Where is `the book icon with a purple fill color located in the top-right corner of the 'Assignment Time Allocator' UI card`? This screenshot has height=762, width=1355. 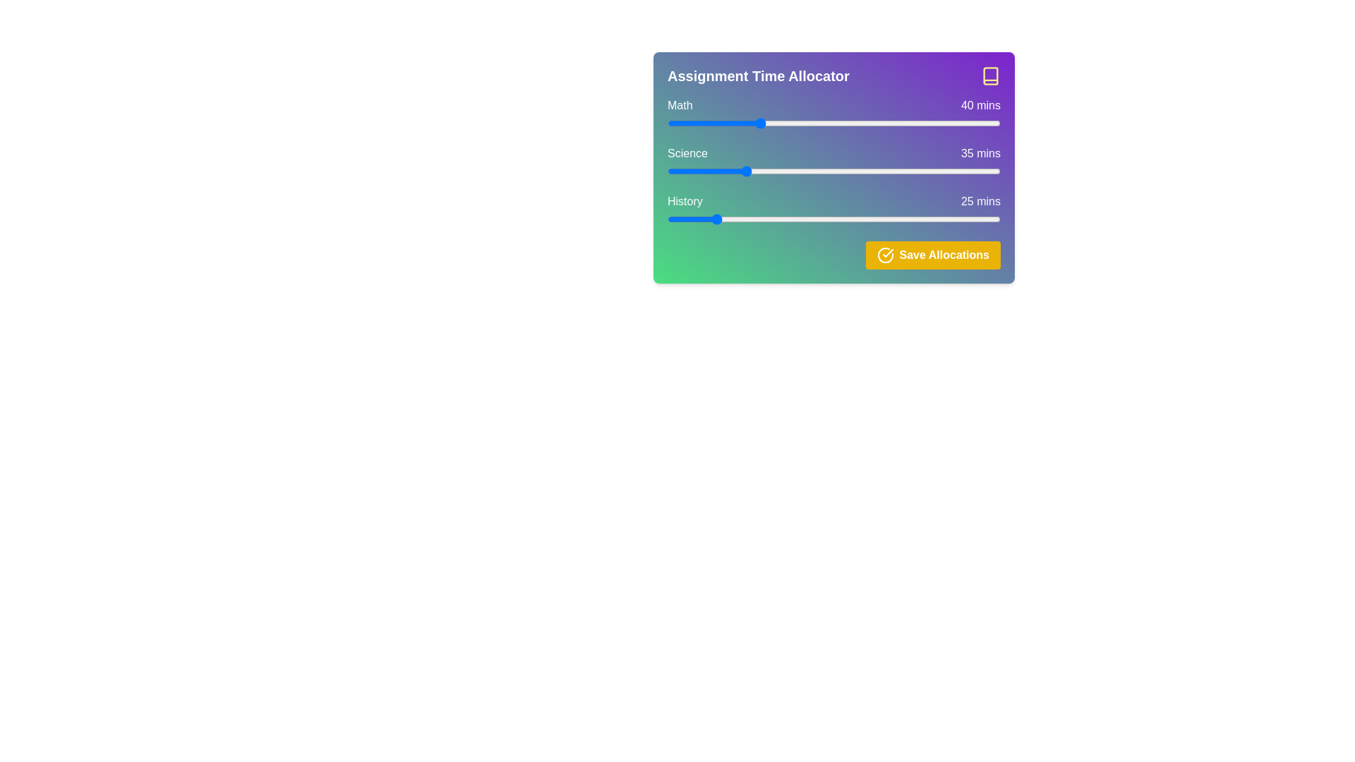
the book icon with a purple fill color located in the top-right corner of the 'Assignment Time Allocator' UI card is located at coordinates (989, 76).